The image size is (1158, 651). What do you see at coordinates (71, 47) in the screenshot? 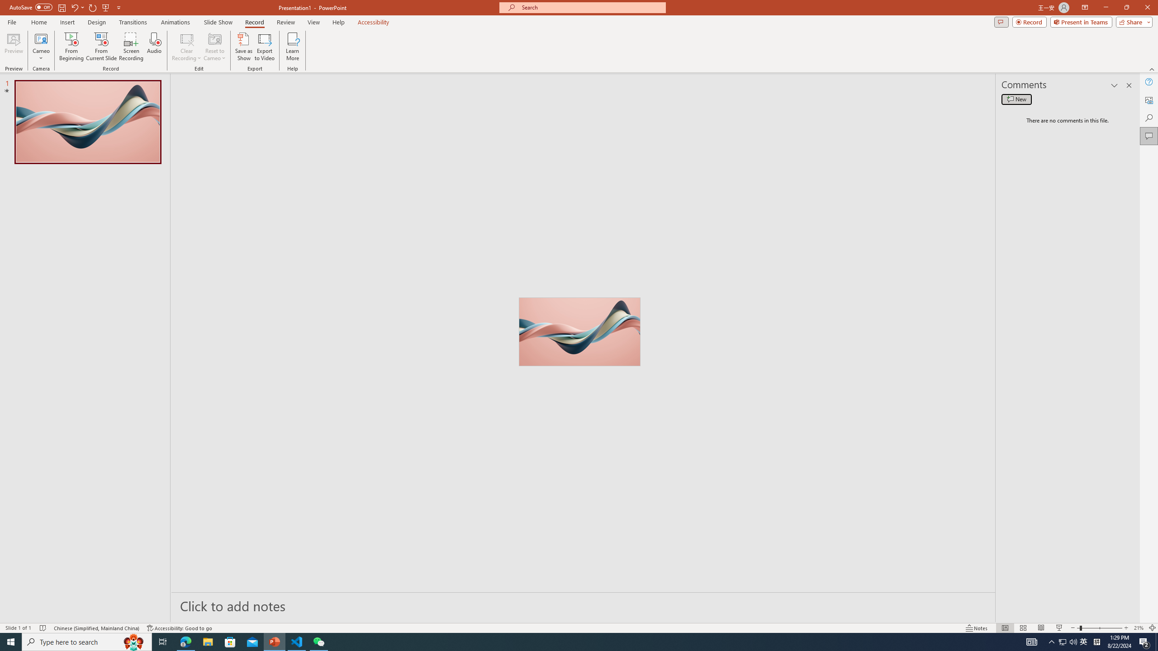
I see `'From Beginning...'` at bounding box center [71, 47].